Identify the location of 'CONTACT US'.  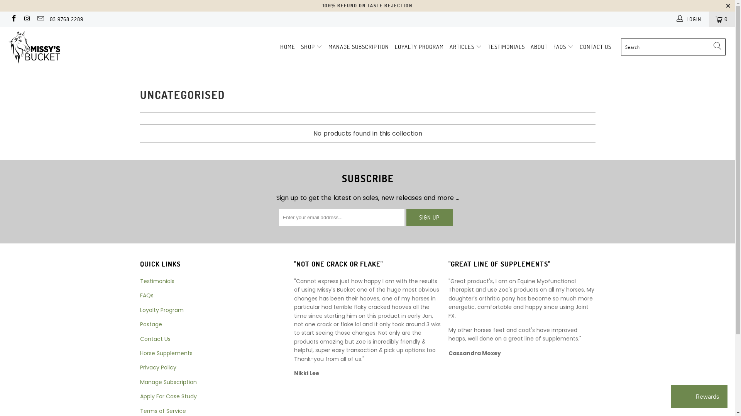
(595, 47).